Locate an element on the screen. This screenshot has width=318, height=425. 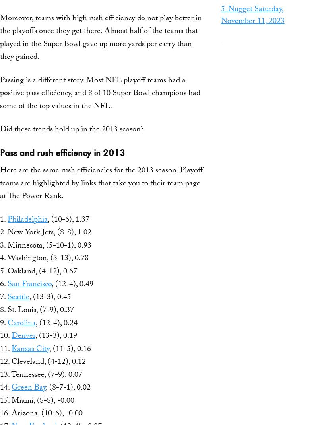
'9.' is located at coordinates (4, 323).